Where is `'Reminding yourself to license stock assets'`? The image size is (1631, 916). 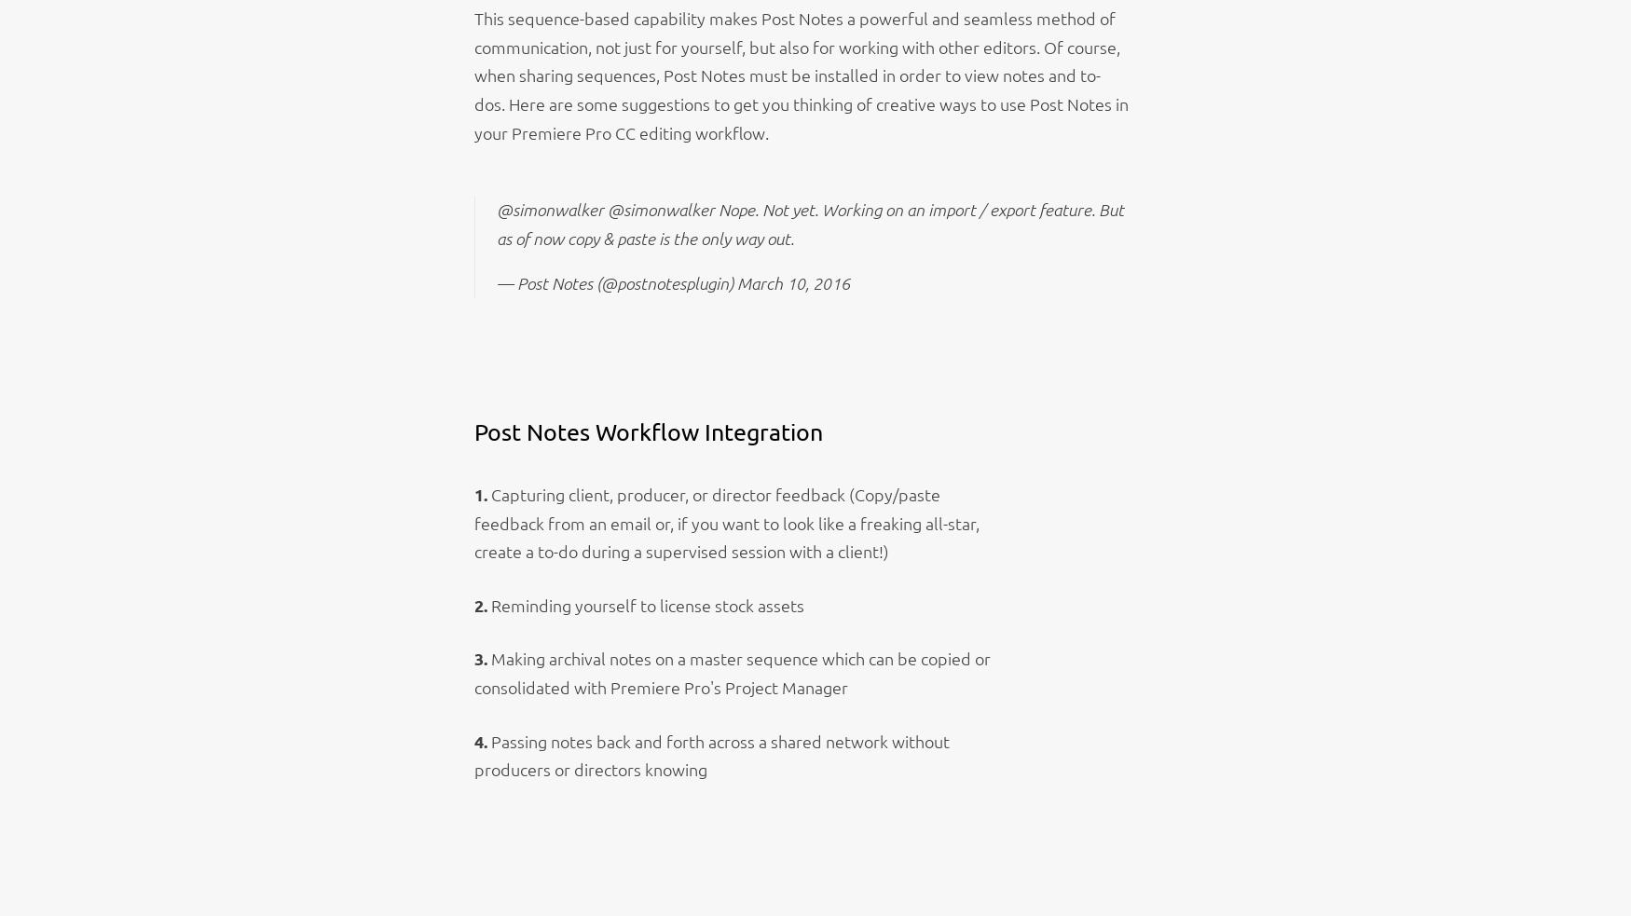
'Reminding yourself to license stock assets' is located at coordinates (644, 604).